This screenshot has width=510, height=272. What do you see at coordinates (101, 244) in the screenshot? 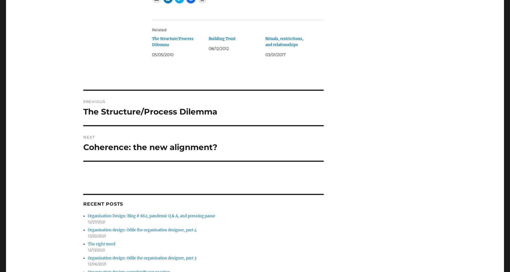
I see `'The right word'` at bounding box center [101, 244].